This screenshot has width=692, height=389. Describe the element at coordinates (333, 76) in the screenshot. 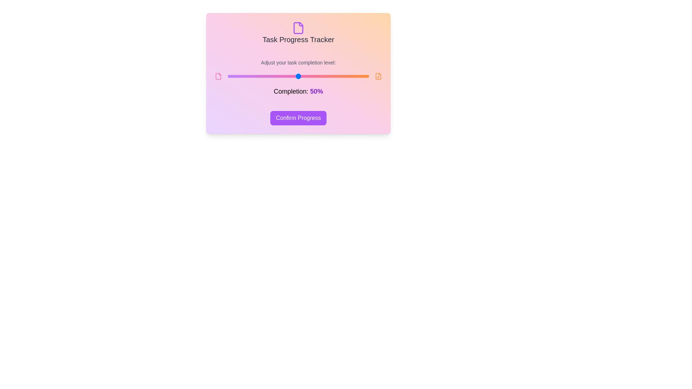

I see `the slider to set the completion level to 75%` at that location.